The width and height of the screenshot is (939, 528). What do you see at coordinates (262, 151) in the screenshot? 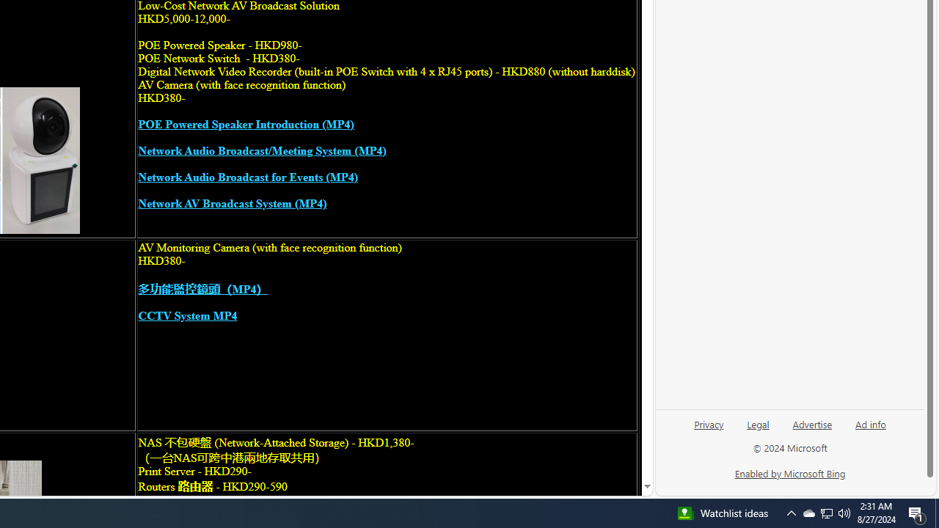
I see `'Network Audio Broadcast/Meeting System (MP4)'` at bounding box center [262, 151].